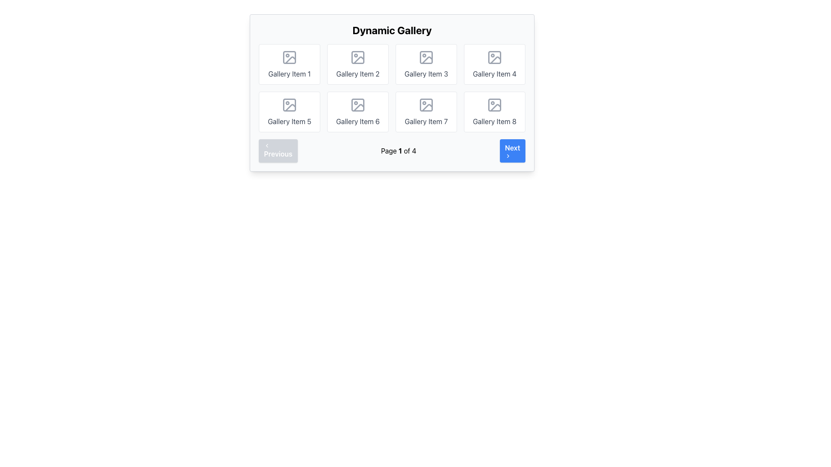  What do you see at coordinates (494, 105) in the screenshot?
I see `the Representative icon or placeholder within 'Gallery Item 8' that indicates an image upload or preview functionality` at bounding box center [494, 105].